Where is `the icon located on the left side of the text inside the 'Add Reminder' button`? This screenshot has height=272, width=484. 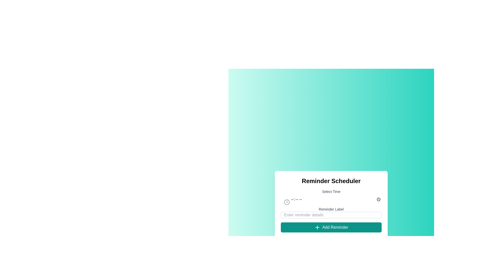 the icon located on the left side of the text inside the 'Add Reminder' button is located at coordinates (317, 227).